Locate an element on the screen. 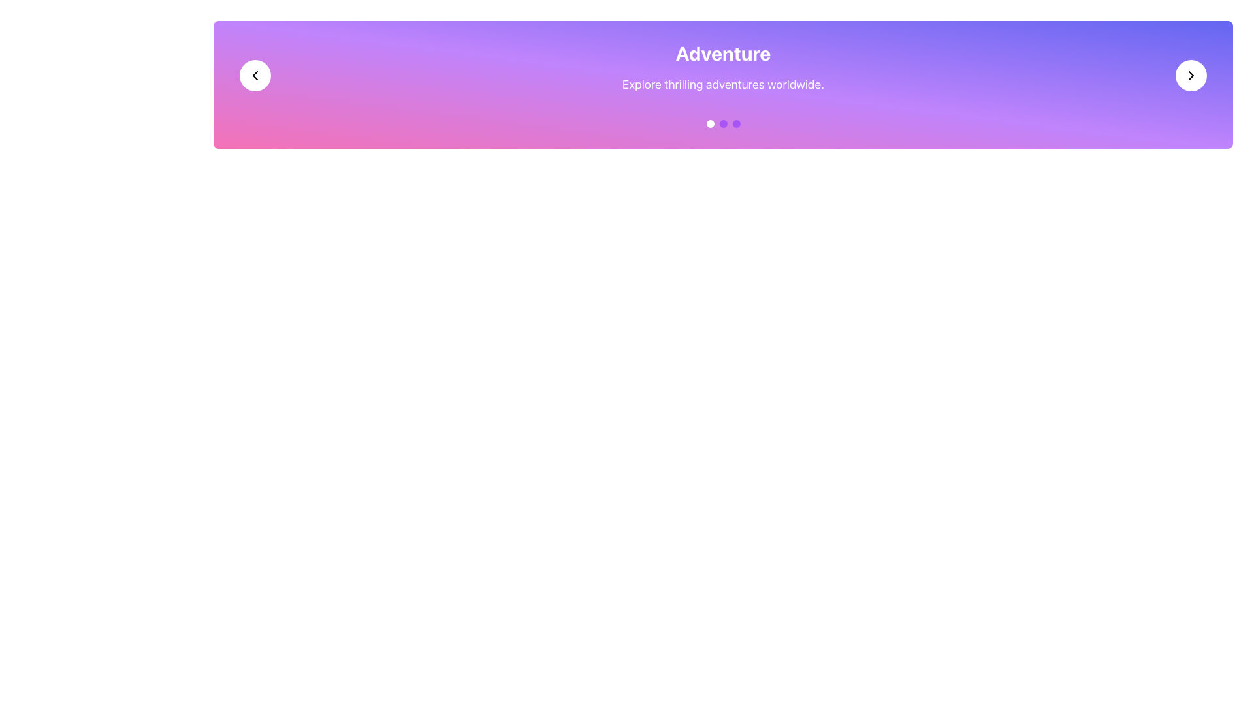 The height and width of the screenshot is (705, 1254). the white circular button with a right-pointing black arrow icon located at the far-right side of the navigation section is located at coordinates (1191, 75).